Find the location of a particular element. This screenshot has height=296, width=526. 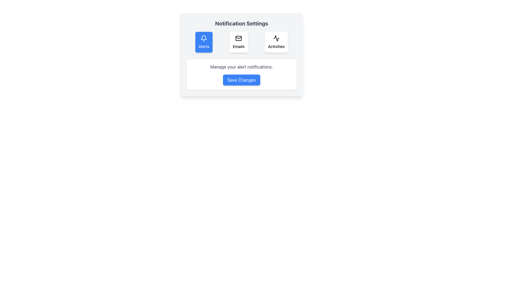

the envelope icon that is centered at the top of the 'Emails' button in the Notification Settings section is located at coordinates (239, 38).